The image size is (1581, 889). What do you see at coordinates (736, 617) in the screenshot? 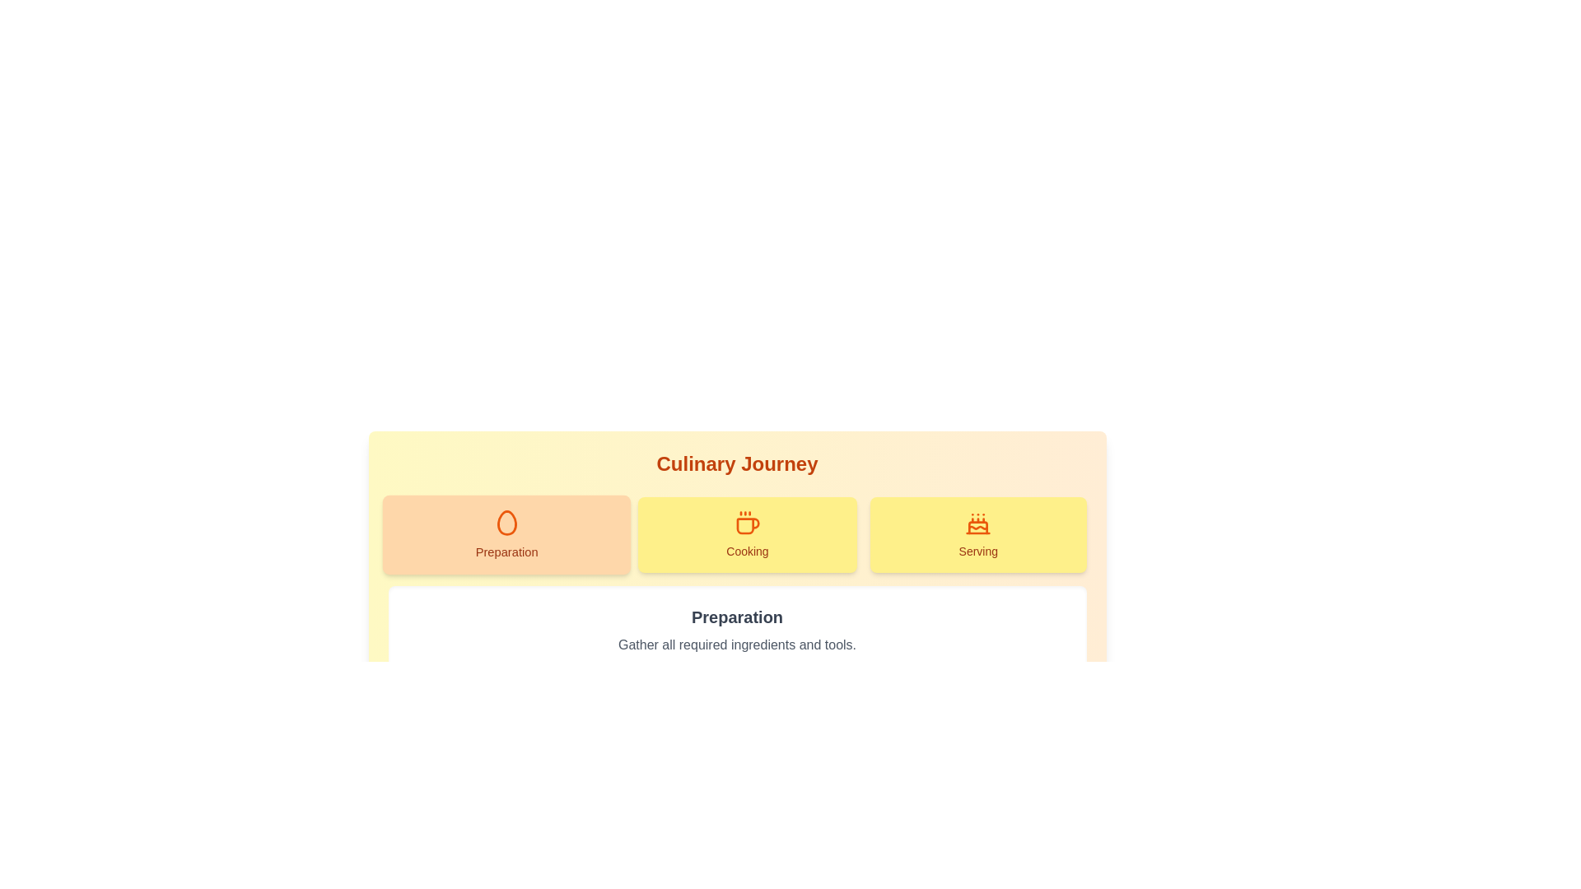
I see `the 'Preparation' text label, which is displayed in a bold, large-sized dark gray font centered within a white box with rounded corners` at bounding box center [736, 617].